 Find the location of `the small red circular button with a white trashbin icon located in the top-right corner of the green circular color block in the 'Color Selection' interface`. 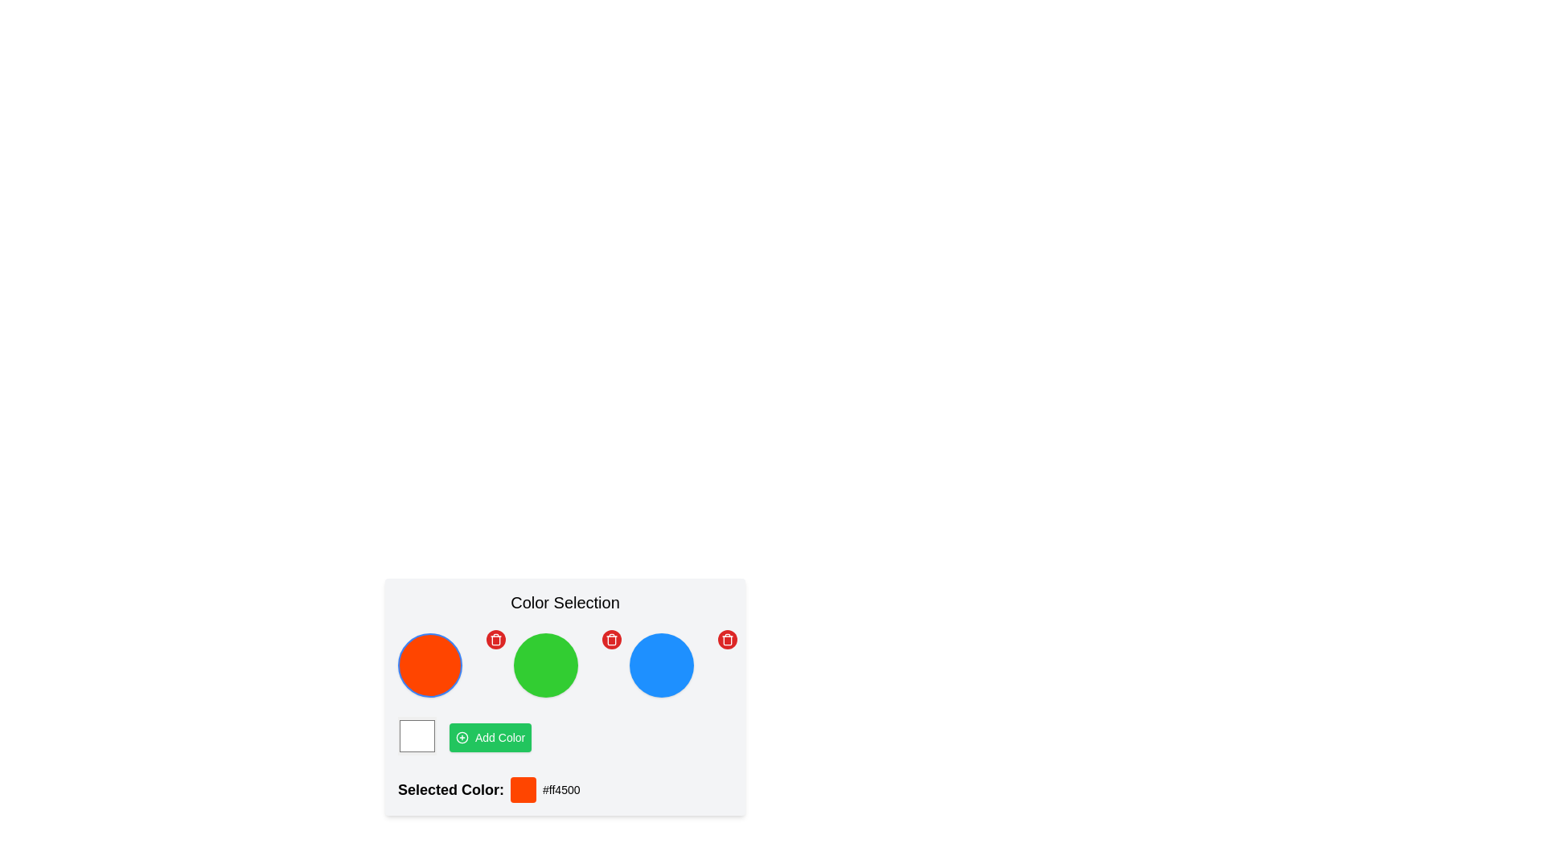

the small red circular button with a white trashbin icon located in the top-right corner of the green circular color block in the 'Color Selection' interface is located at coordinates (611, 638).